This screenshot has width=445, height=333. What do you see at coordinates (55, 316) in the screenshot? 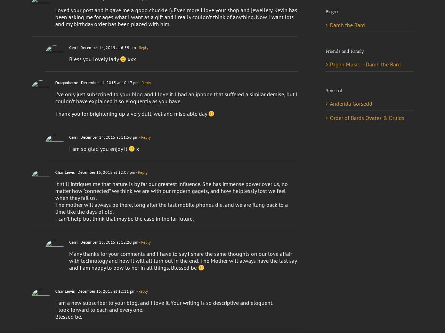
I see `'Blessed be.'` at bounding box center [55, 316].